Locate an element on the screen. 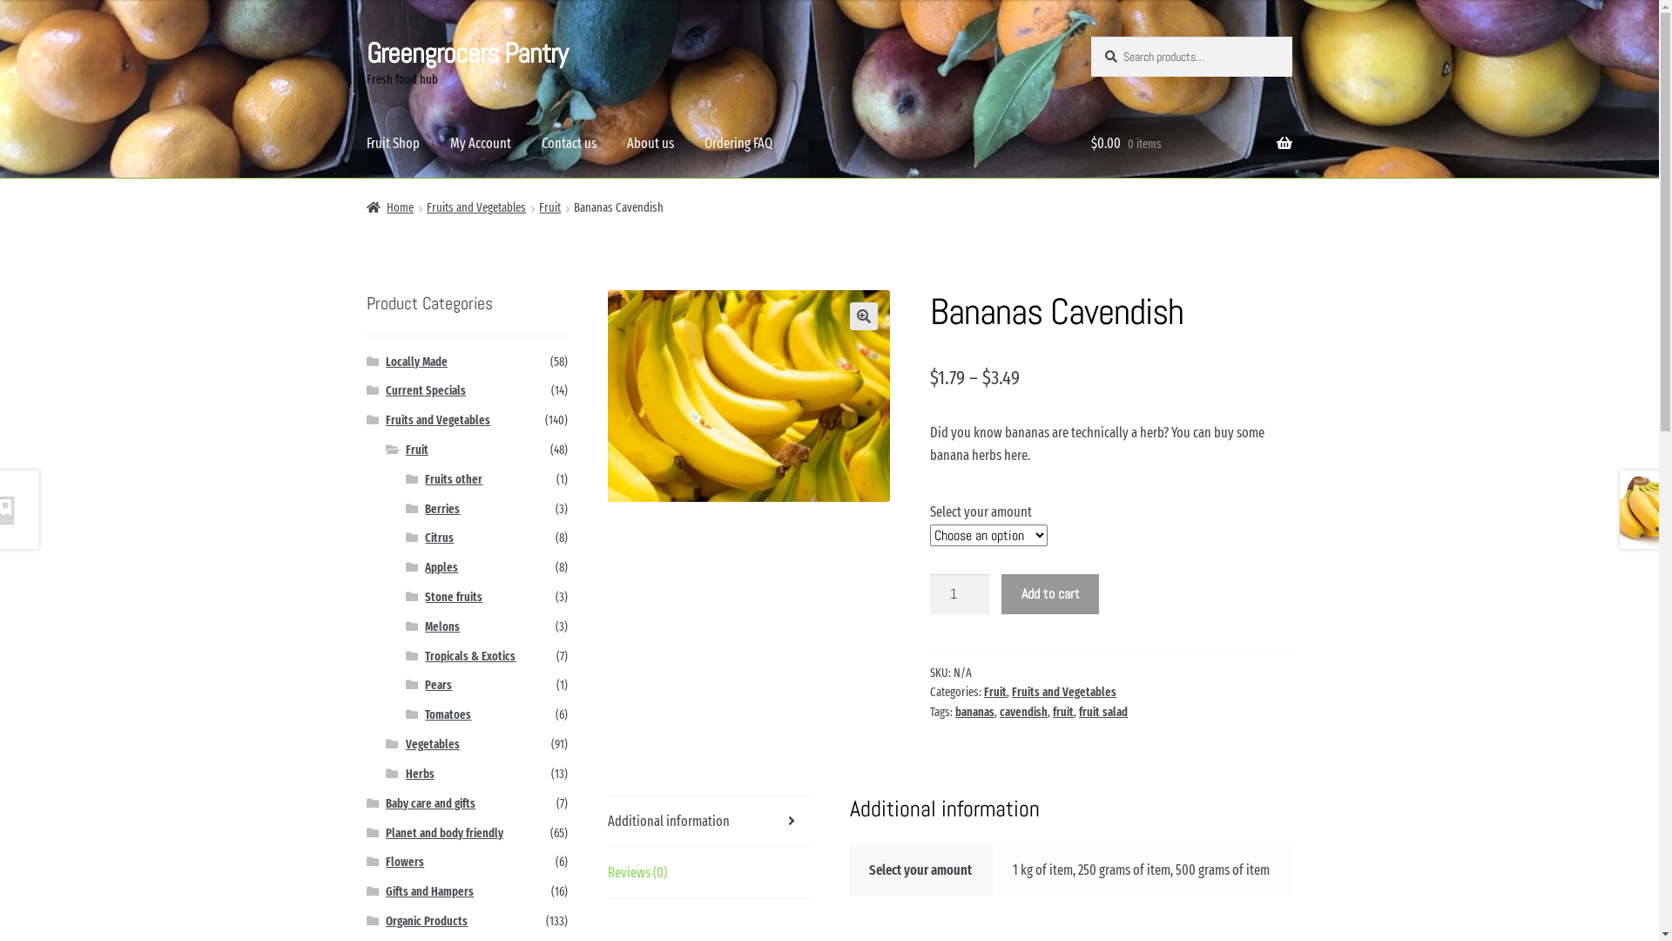  'Herbs' is located at coordinates (420, 773).